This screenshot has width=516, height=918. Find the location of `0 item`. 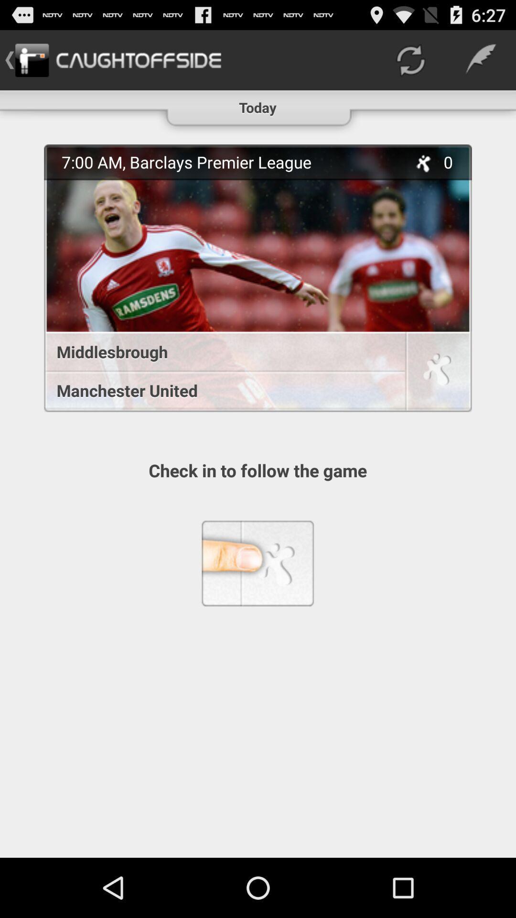

0 item is located at coordinates (453, 162).